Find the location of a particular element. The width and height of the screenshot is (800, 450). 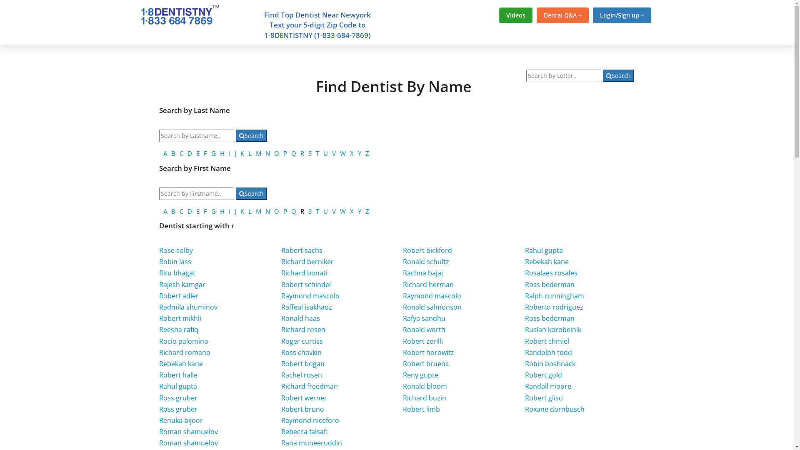

'Richard romano' is located at coordinates (184, 352).